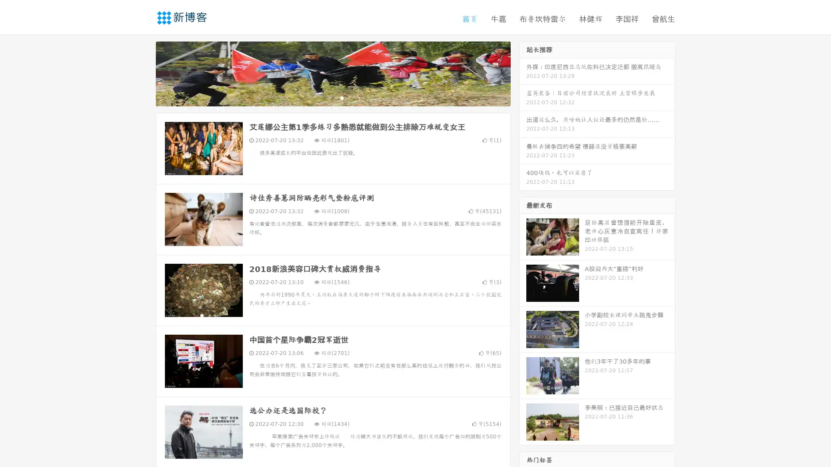 Image resolution: width=831 pixels, height=467 pixels. Describe the element at coordinates (332, 97) in the screenshot. I see `Go to slide 2` at that location.